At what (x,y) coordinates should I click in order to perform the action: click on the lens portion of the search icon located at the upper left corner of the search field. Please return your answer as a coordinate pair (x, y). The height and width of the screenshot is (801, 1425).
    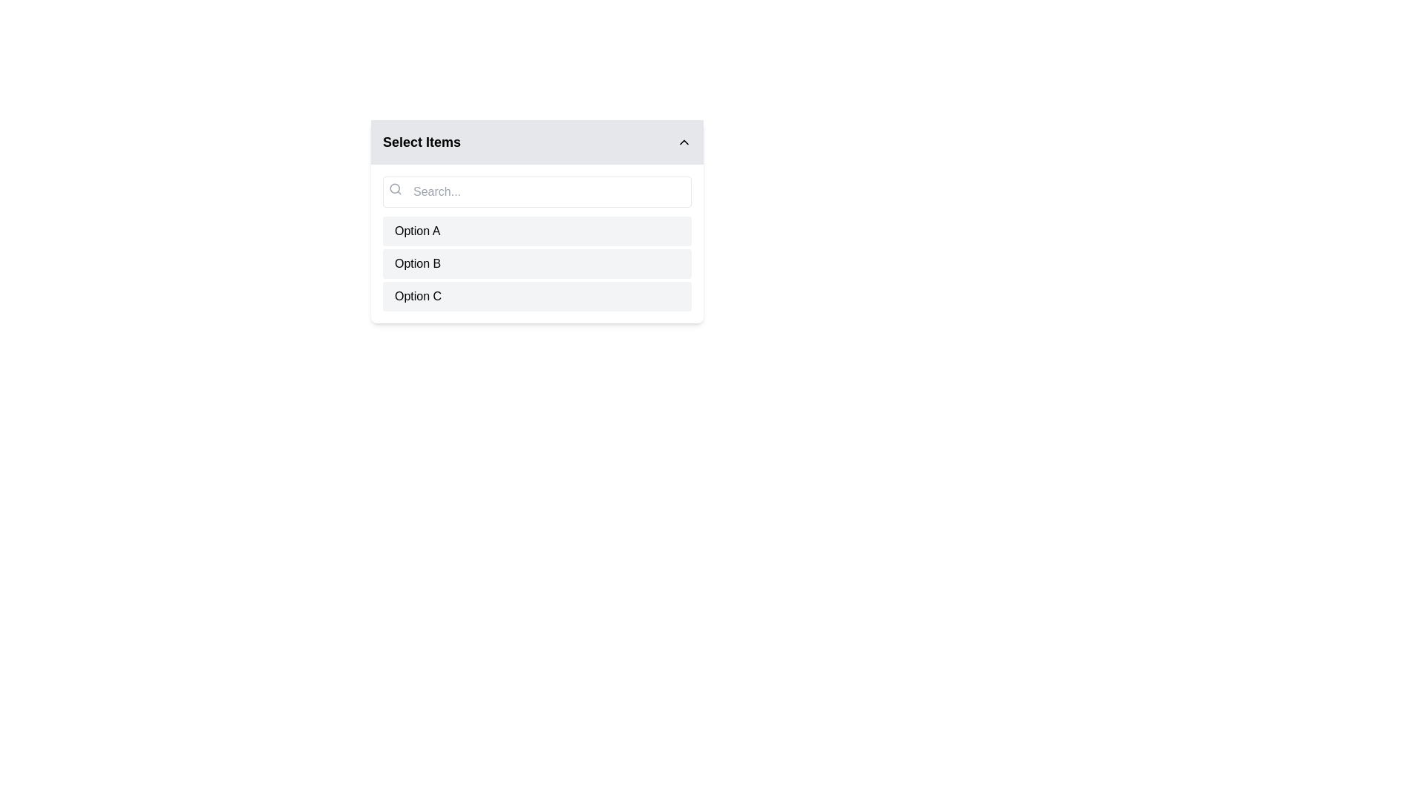
    Looking at the image, I should click on (395, 188).